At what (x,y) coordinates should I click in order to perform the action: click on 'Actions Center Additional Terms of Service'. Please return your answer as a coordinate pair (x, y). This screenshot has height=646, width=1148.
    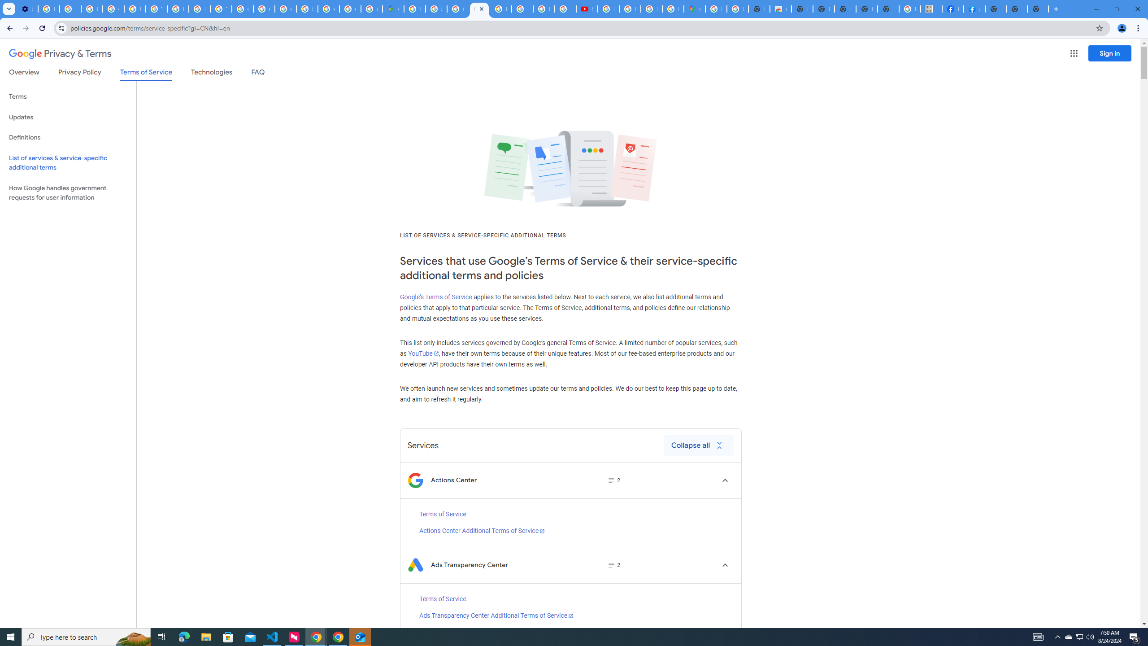
    Looking at the image, I should click on (482, 531).